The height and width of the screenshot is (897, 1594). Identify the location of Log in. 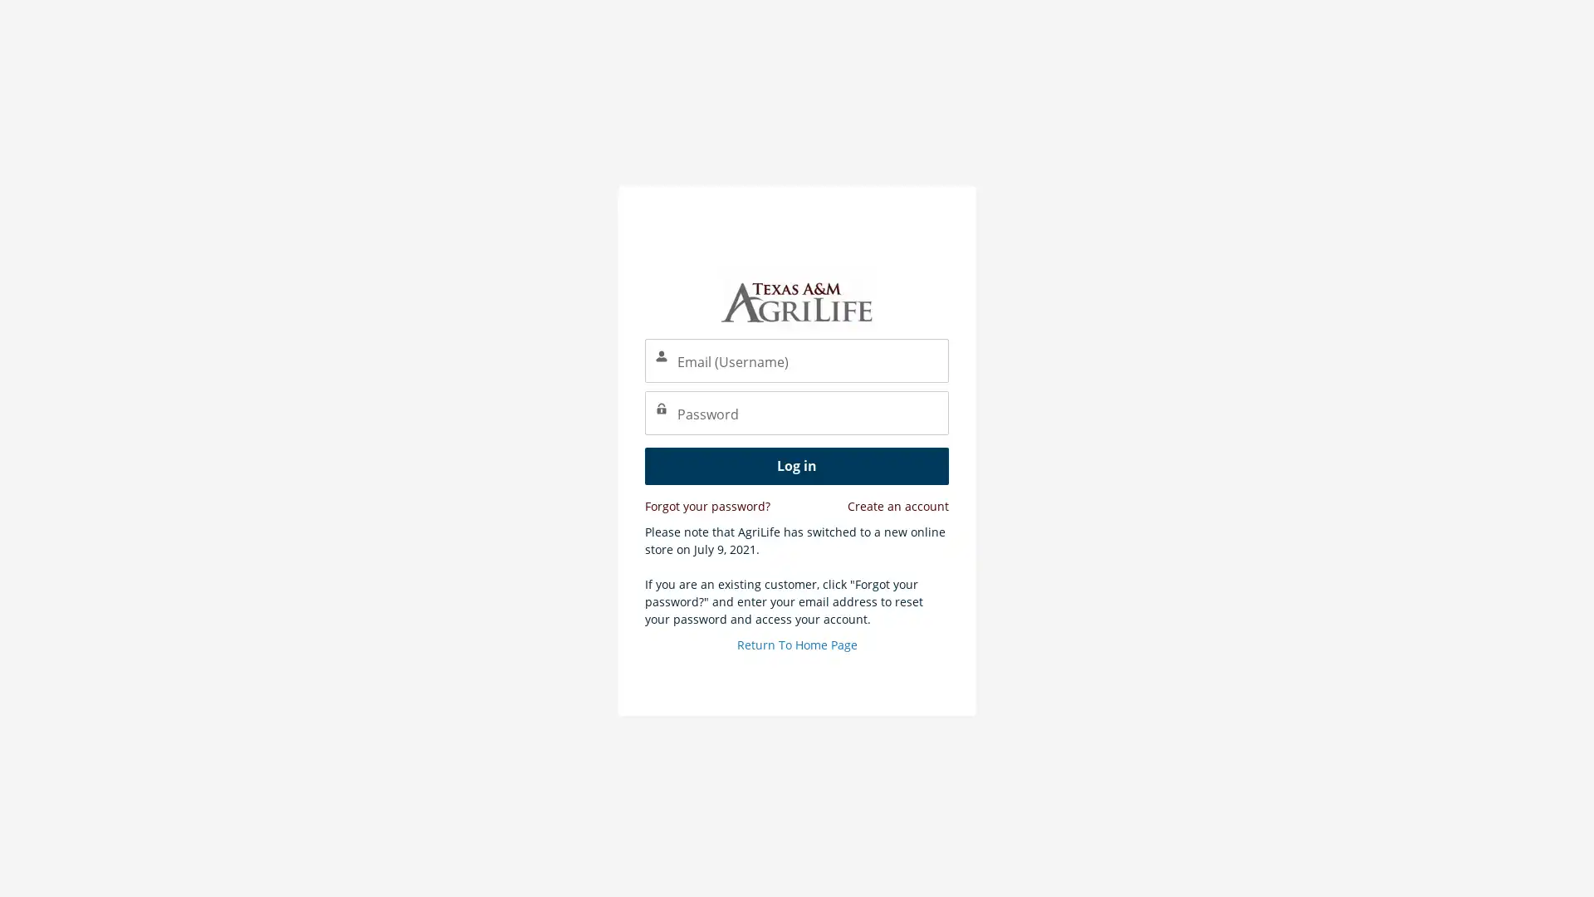
(797, 465).